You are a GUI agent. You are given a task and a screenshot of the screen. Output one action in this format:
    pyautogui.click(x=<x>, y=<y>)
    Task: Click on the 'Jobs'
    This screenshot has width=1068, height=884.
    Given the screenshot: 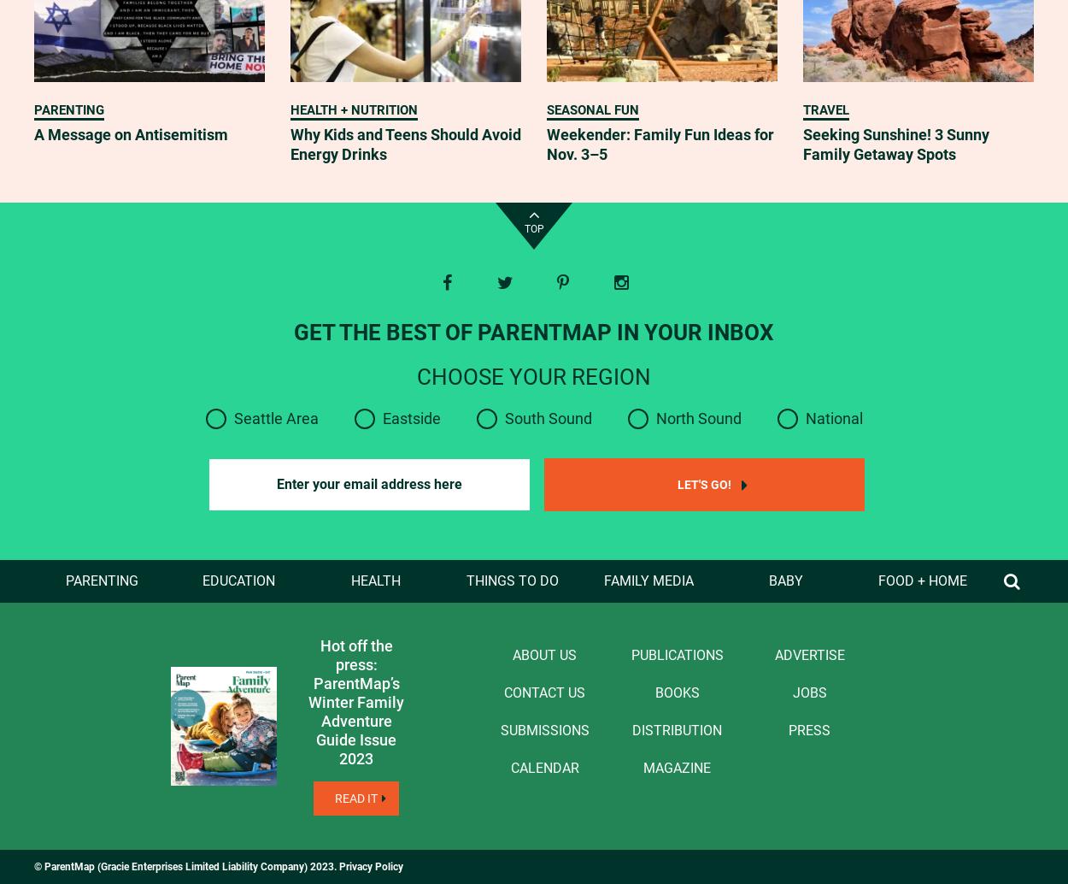 What is the action you would take?
    pyautogui.click(x=808, y=691)
    